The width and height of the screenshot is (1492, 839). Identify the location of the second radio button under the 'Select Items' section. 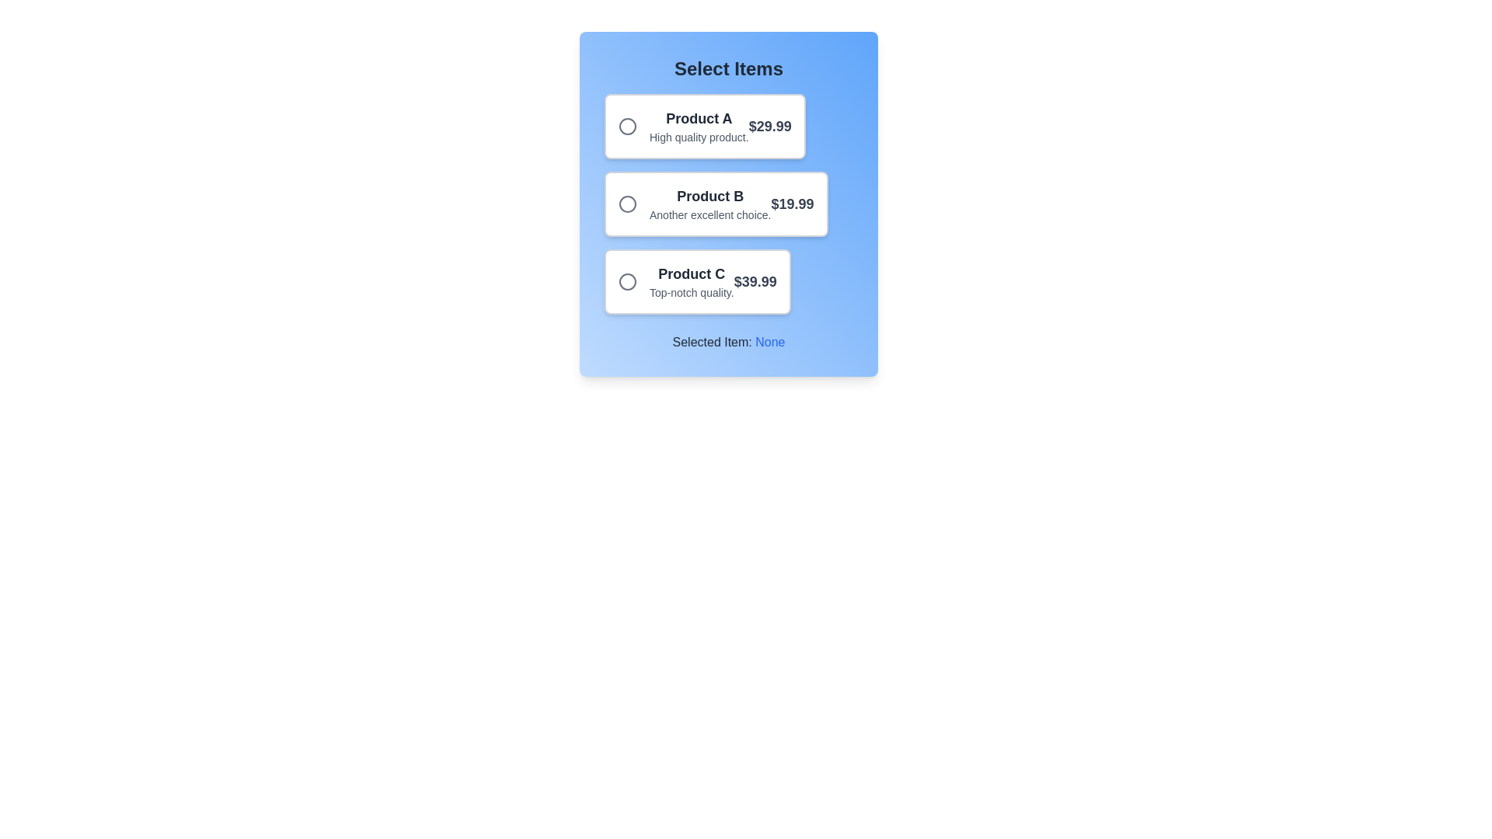
(627, 203).